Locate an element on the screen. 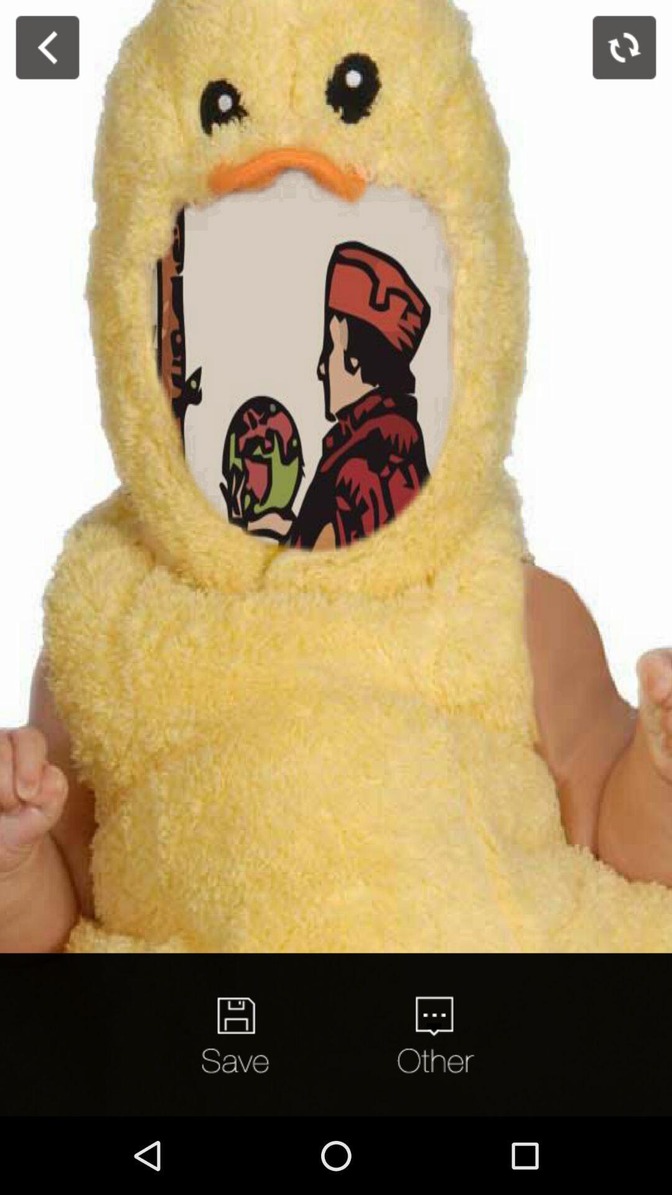 The height and width of the screenshot is (1195, 672). clear the current edited image is located at coordinates (624, 47).